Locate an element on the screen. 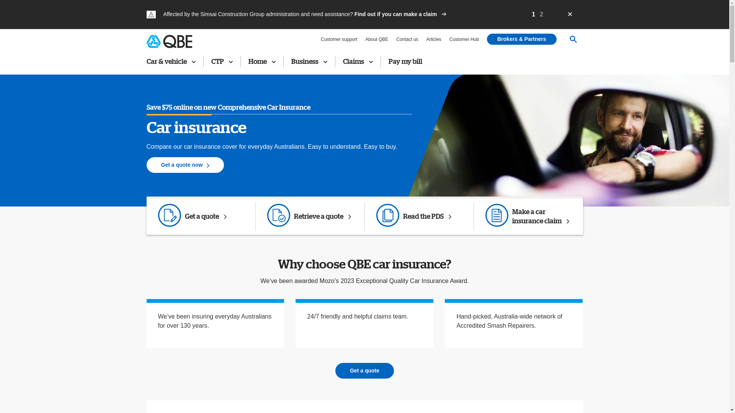 The height and width of the screenshot is (413, 735). 'Forms Created with Sketch. is located at coordinates (421, 217).